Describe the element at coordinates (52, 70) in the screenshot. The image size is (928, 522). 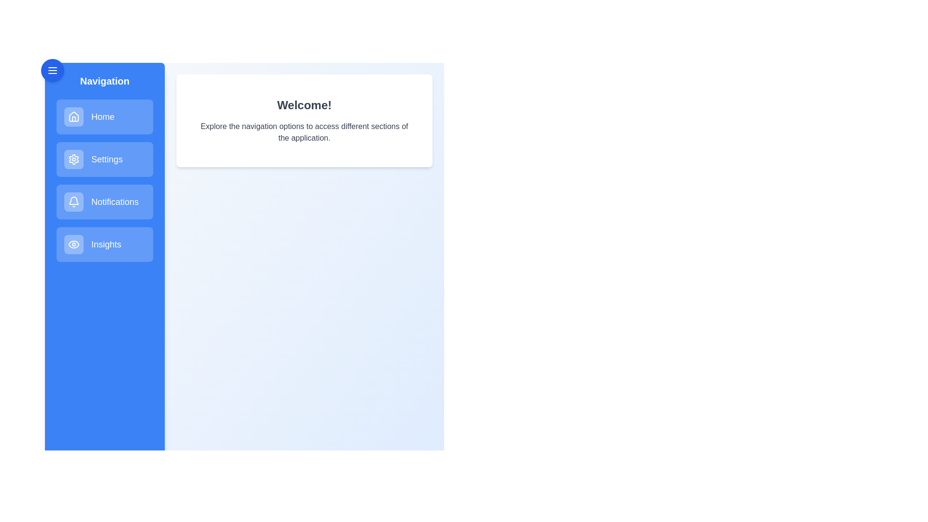
I see `the drawer toggle button to toggle the drawer visibility` at that location.